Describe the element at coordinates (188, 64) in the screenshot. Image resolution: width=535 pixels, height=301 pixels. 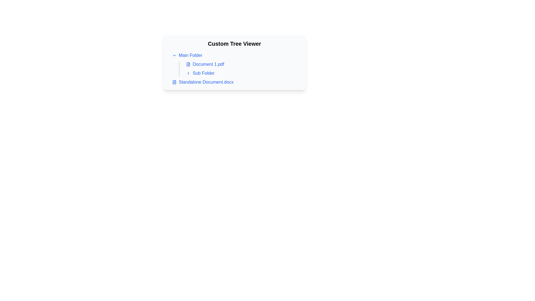
I see `the file icon representing 'Document 1.pdf' located in the tree viewer interface` at that location.